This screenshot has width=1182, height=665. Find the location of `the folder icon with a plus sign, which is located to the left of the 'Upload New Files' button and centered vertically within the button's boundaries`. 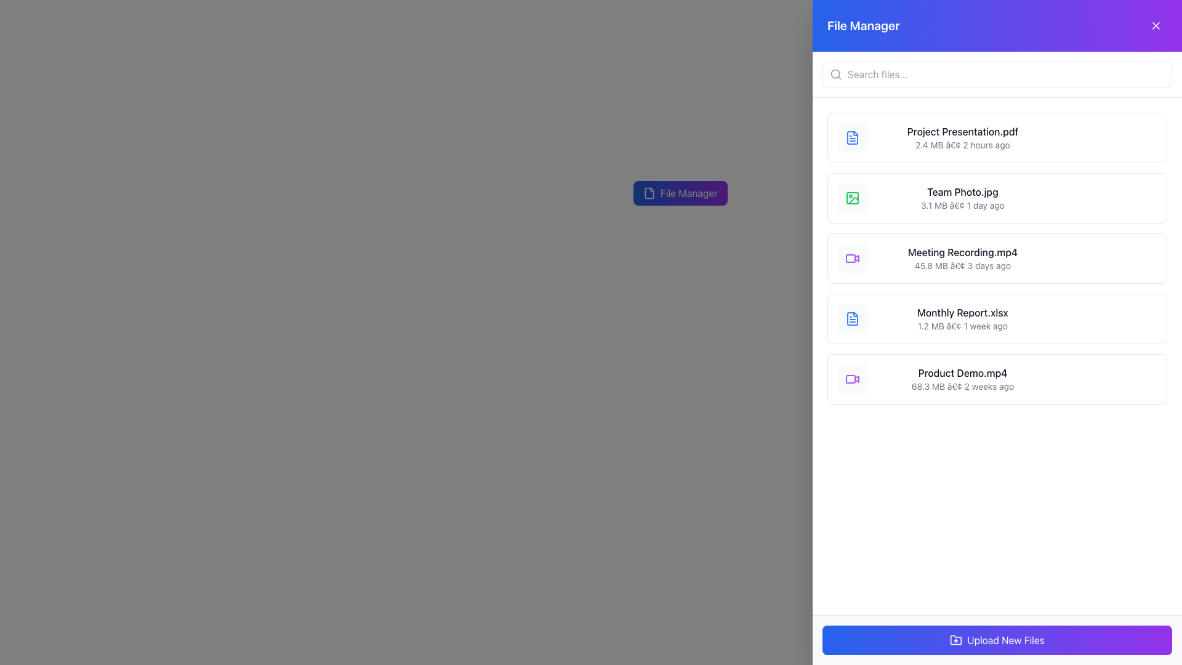

the folder icon with a plus sign, which is located to the left of the 'Upload New Files' button and centered vertically within the button's boundaries is located at coordinates (955, 640).